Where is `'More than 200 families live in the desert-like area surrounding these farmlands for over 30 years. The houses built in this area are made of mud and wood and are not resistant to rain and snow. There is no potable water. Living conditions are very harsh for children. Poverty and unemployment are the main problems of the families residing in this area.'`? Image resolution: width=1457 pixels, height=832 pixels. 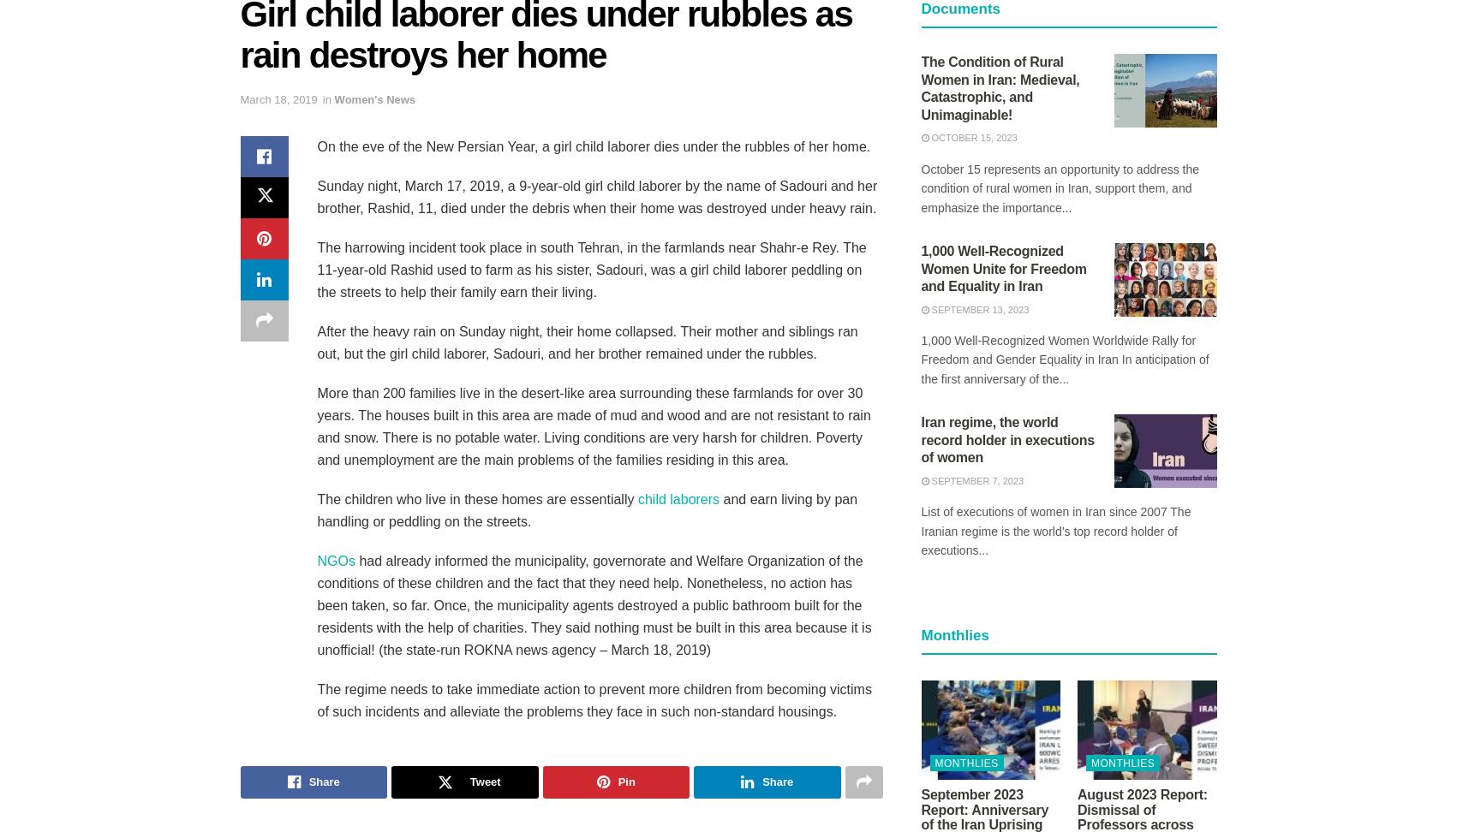
'More than 200 families live in the desert-like area surrounding these farmlands for over 30 years. The houses built in this area are made of mud and wood and are not resistant to rain and snow. There is no potable water. Living conditions are very harsh for children. Poverty and unemployment are the main problems of the families residing in this area.' is located at coordinates (592, 425).